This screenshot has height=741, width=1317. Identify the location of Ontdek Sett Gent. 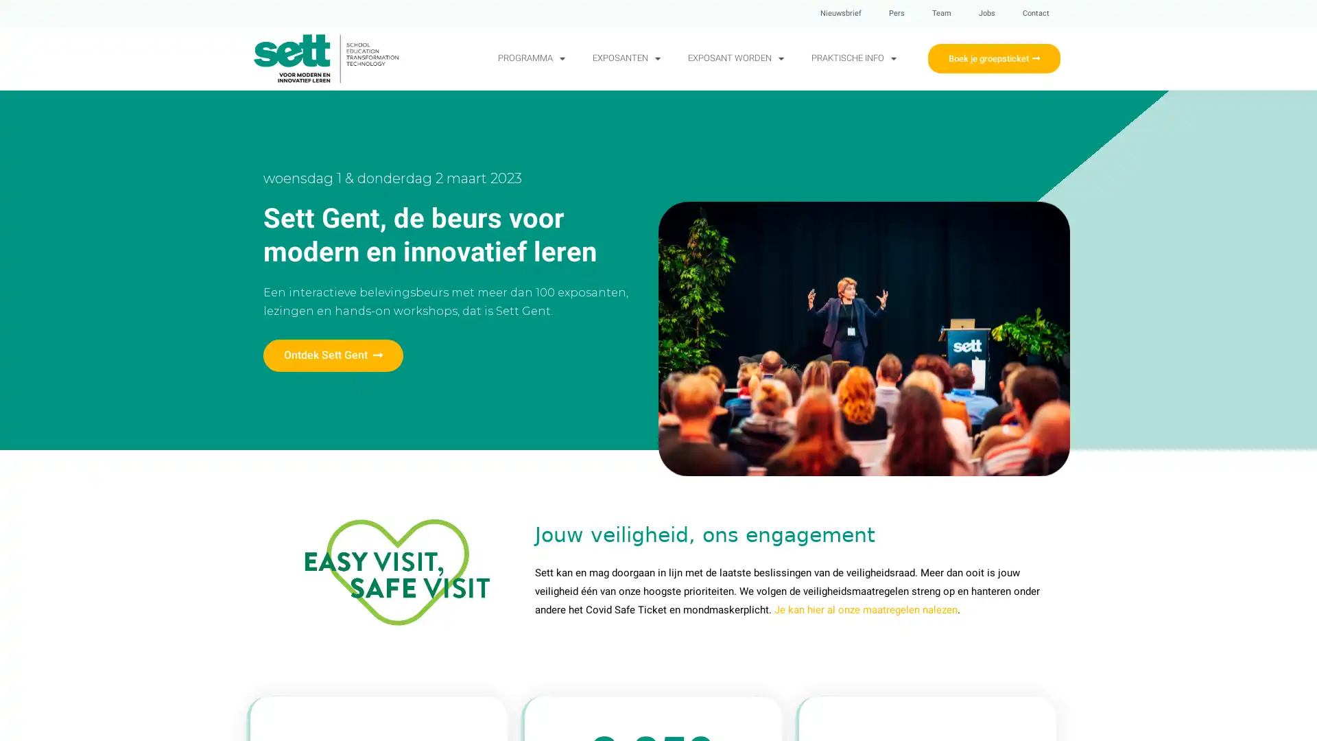
(333, 355).